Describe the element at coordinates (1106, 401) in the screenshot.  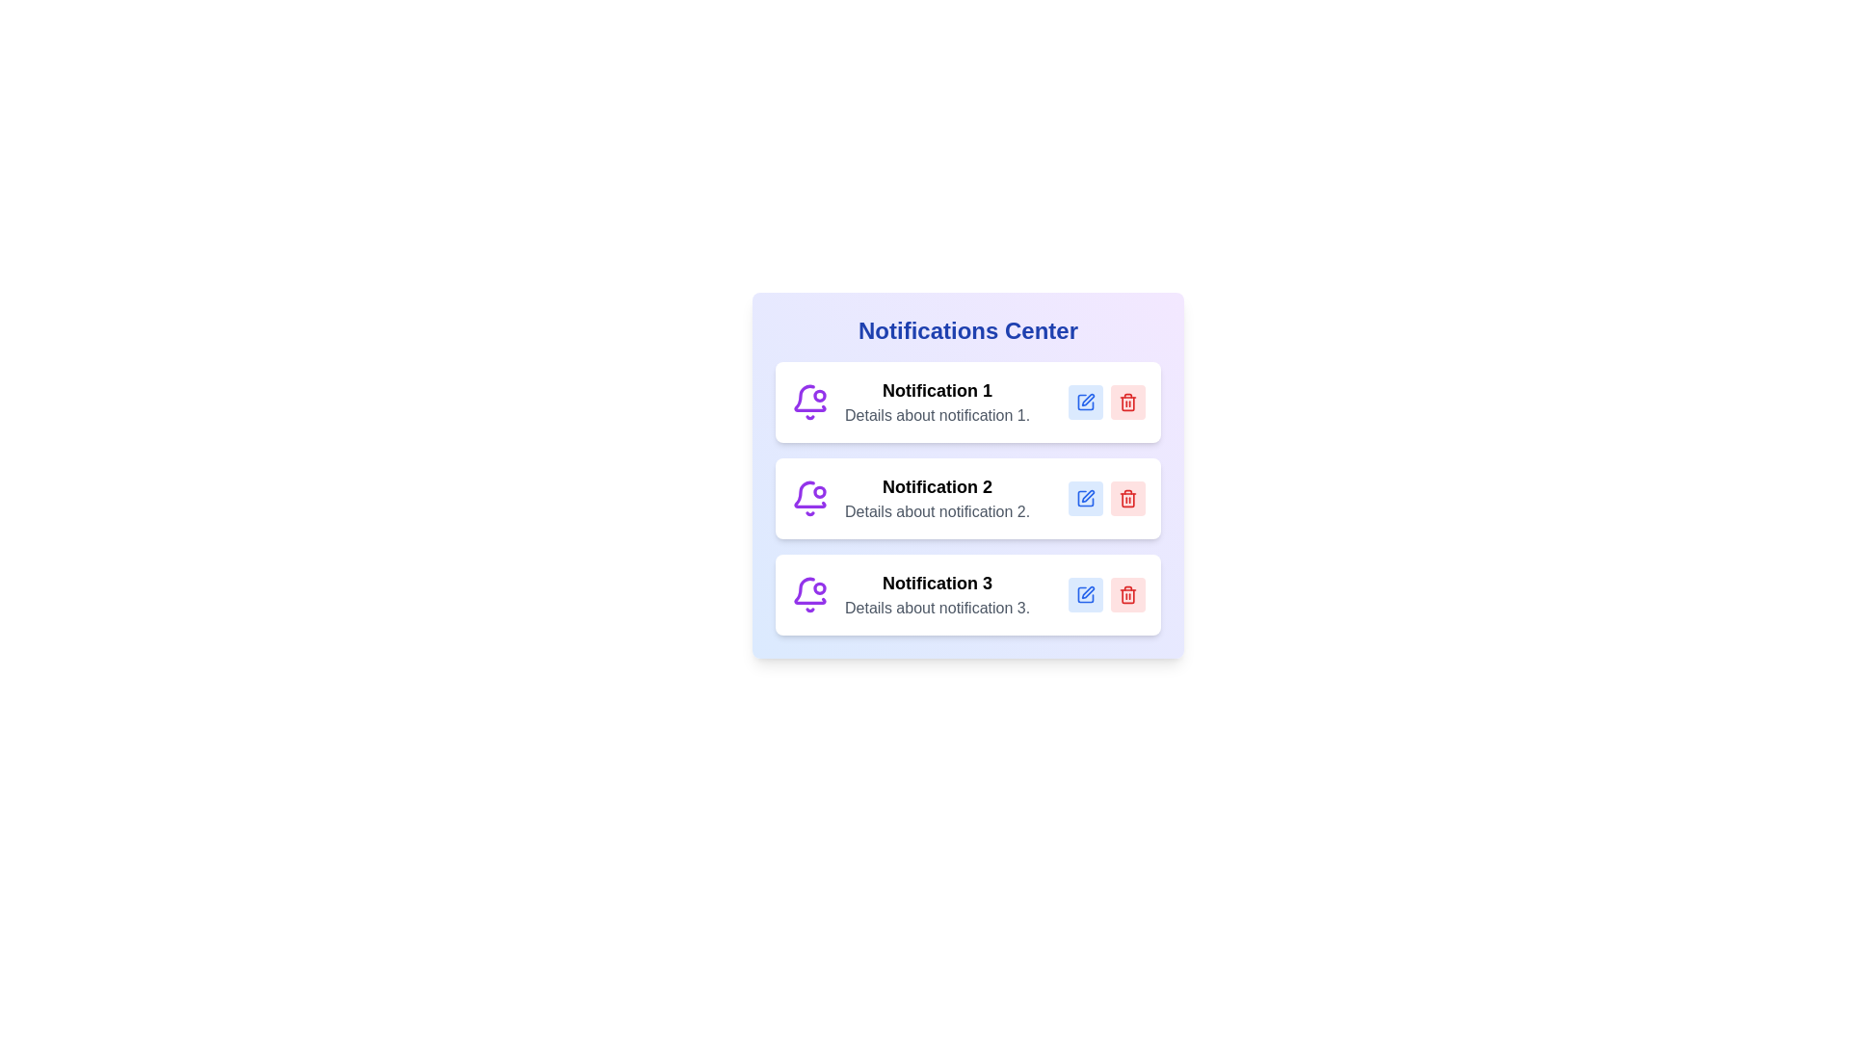
I see `the interactive control group consisting of two buttons, which includes a blue pen icon on the left and a red trash bin icon on the right, located in the topmost notification card` at that location.